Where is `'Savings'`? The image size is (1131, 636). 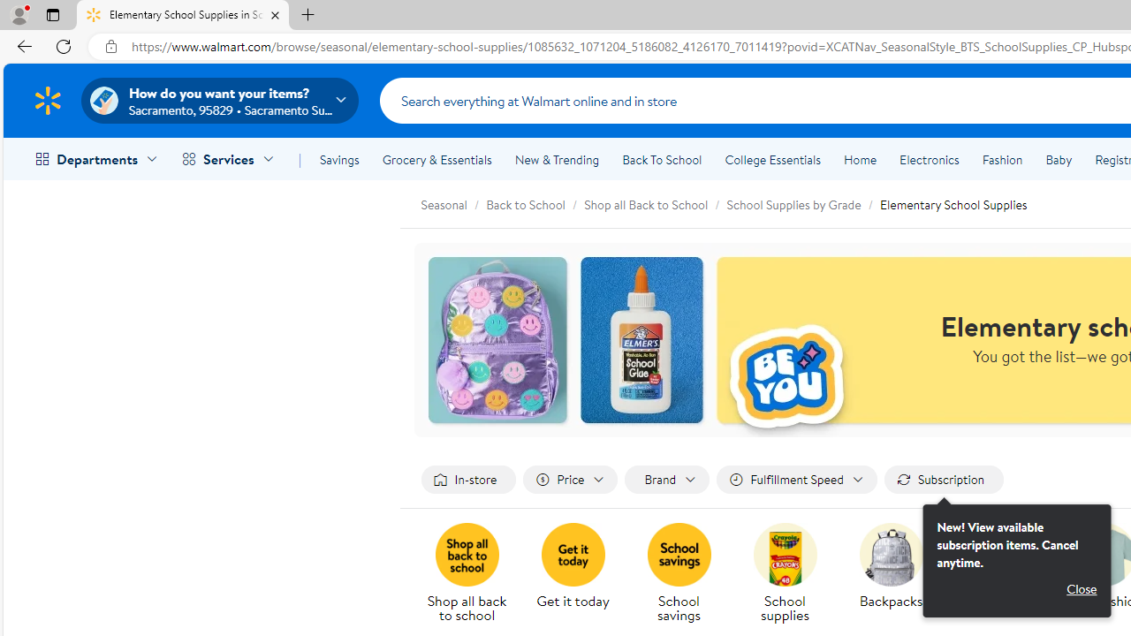
'Savings' is located at coordinates (339, 160).